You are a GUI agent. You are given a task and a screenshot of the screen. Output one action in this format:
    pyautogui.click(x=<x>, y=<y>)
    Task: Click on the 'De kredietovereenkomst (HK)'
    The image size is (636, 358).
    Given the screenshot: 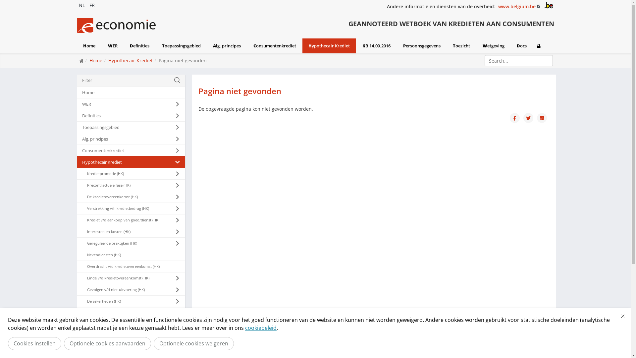 What is the action you would take?
    pyautogui.click(x=131, y=197)
    